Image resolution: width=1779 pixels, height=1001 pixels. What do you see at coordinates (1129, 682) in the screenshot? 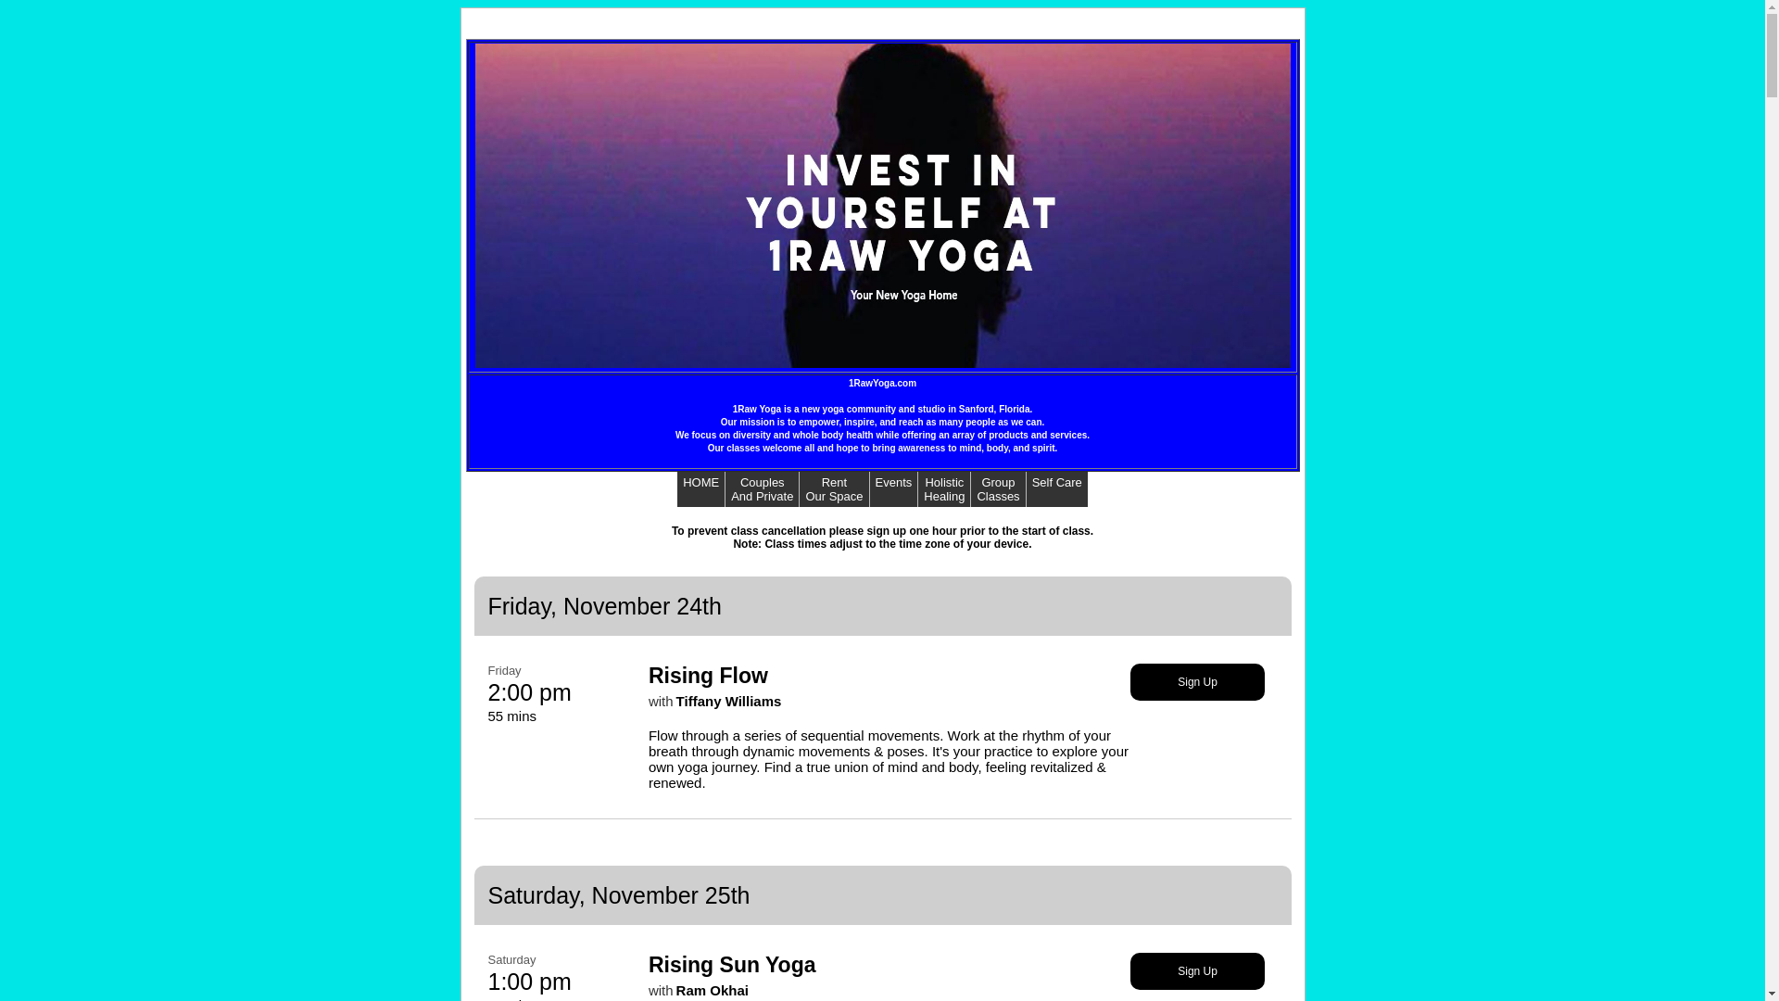
I see `'Sign Up'` at bounding box center [1129, 682].